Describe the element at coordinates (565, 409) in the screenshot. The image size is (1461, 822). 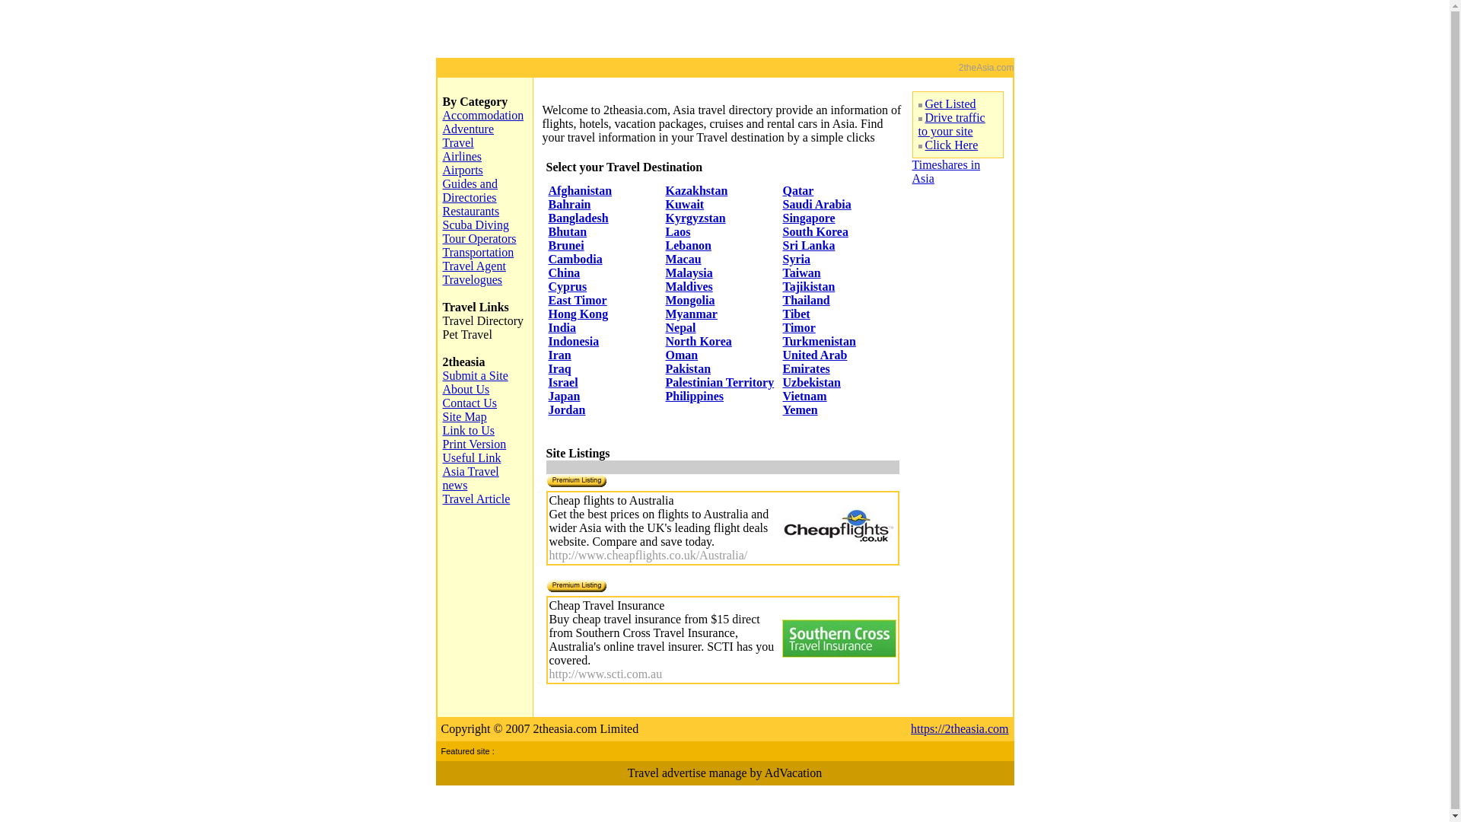
I see `'Jordan'` at that location.